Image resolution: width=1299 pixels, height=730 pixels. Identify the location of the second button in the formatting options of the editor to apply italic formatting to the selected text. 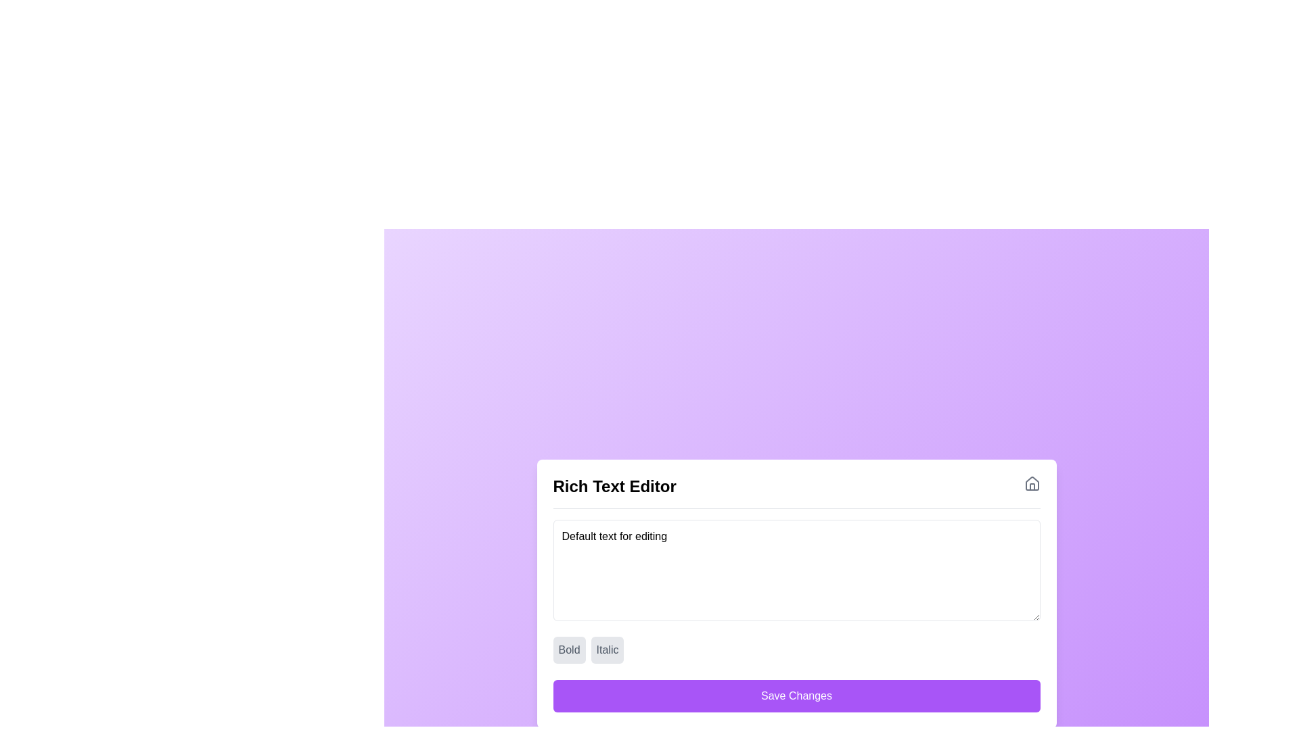
(606, 649).